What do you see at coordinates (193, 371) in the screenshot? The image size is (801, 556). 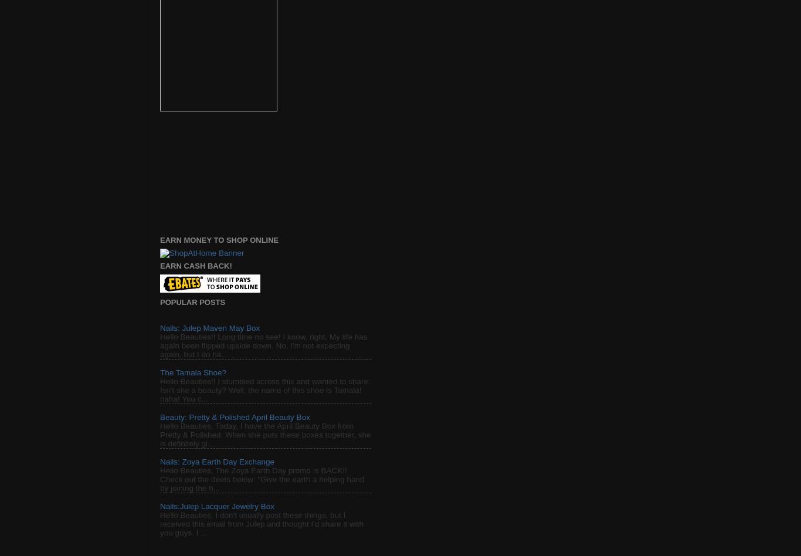 I see `'The Tamala Shoe?'` at bounding box center [193, 371].